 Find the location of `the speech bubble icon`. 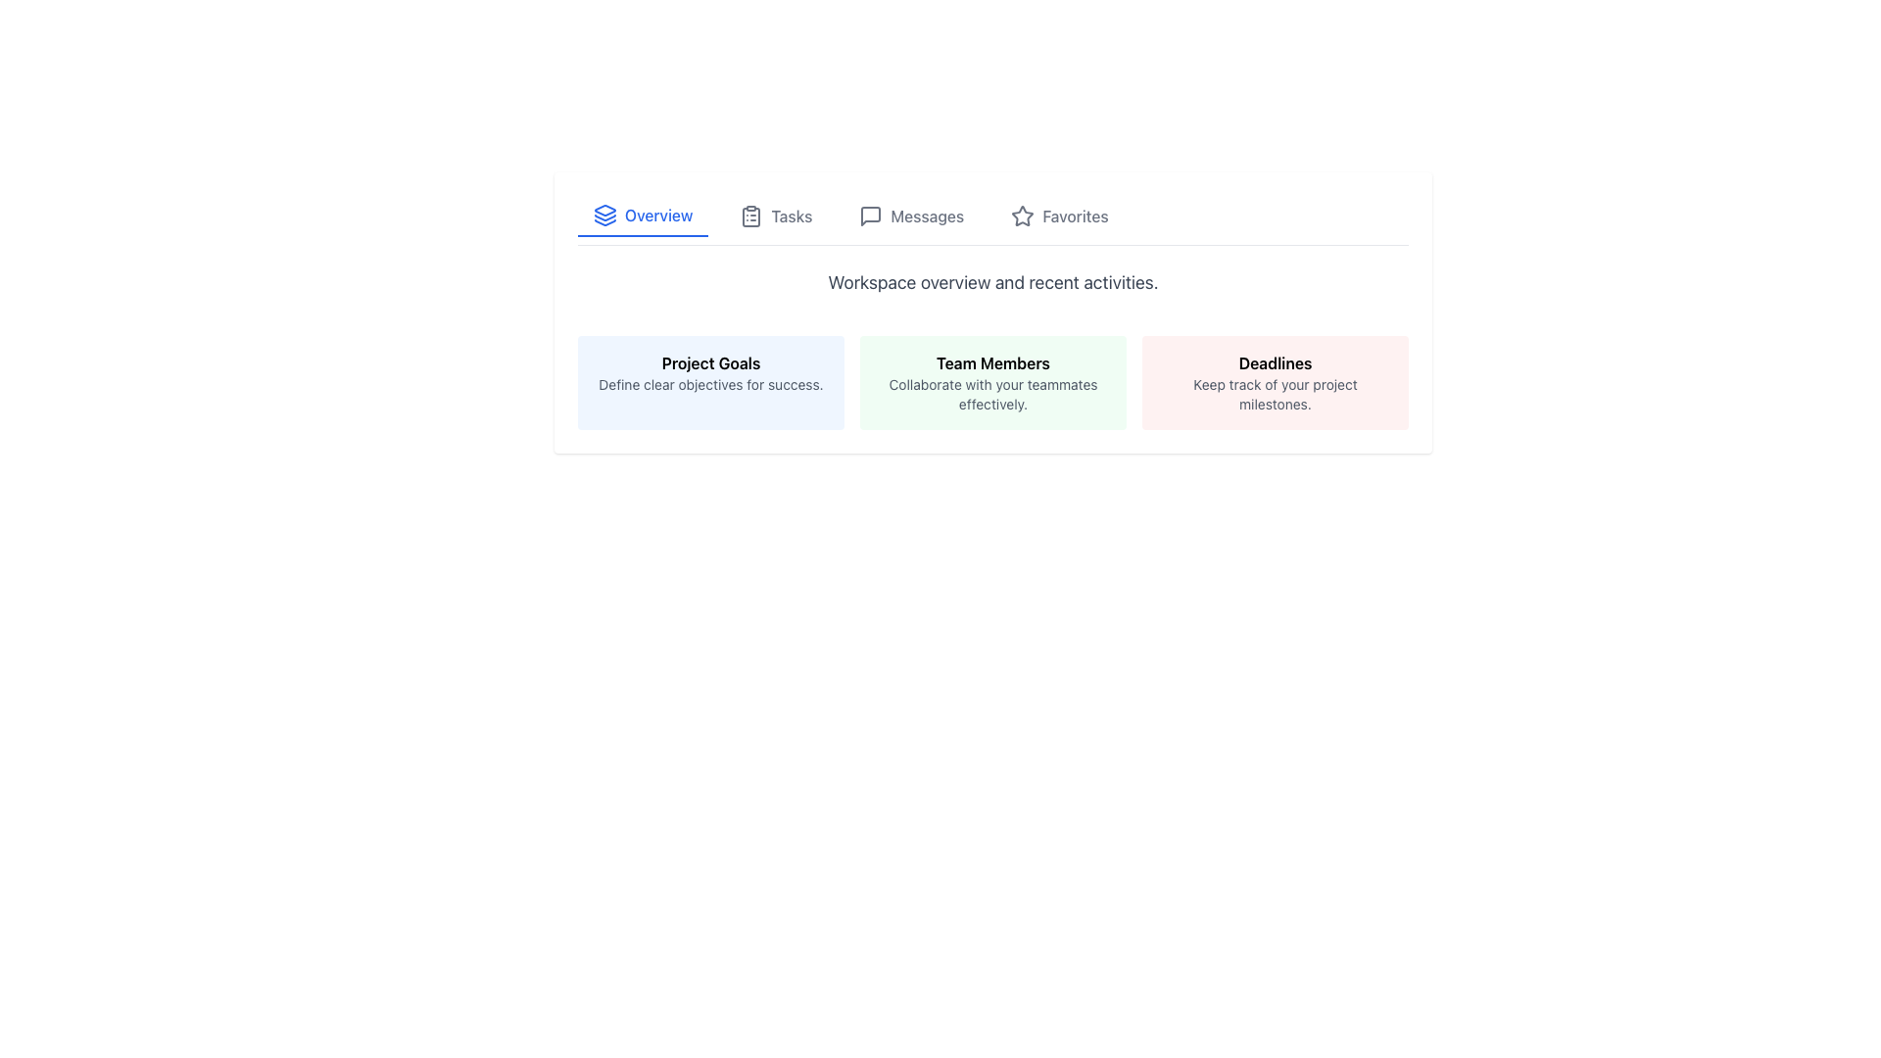

the speech bubble icon is located at coordinates (870, 216).